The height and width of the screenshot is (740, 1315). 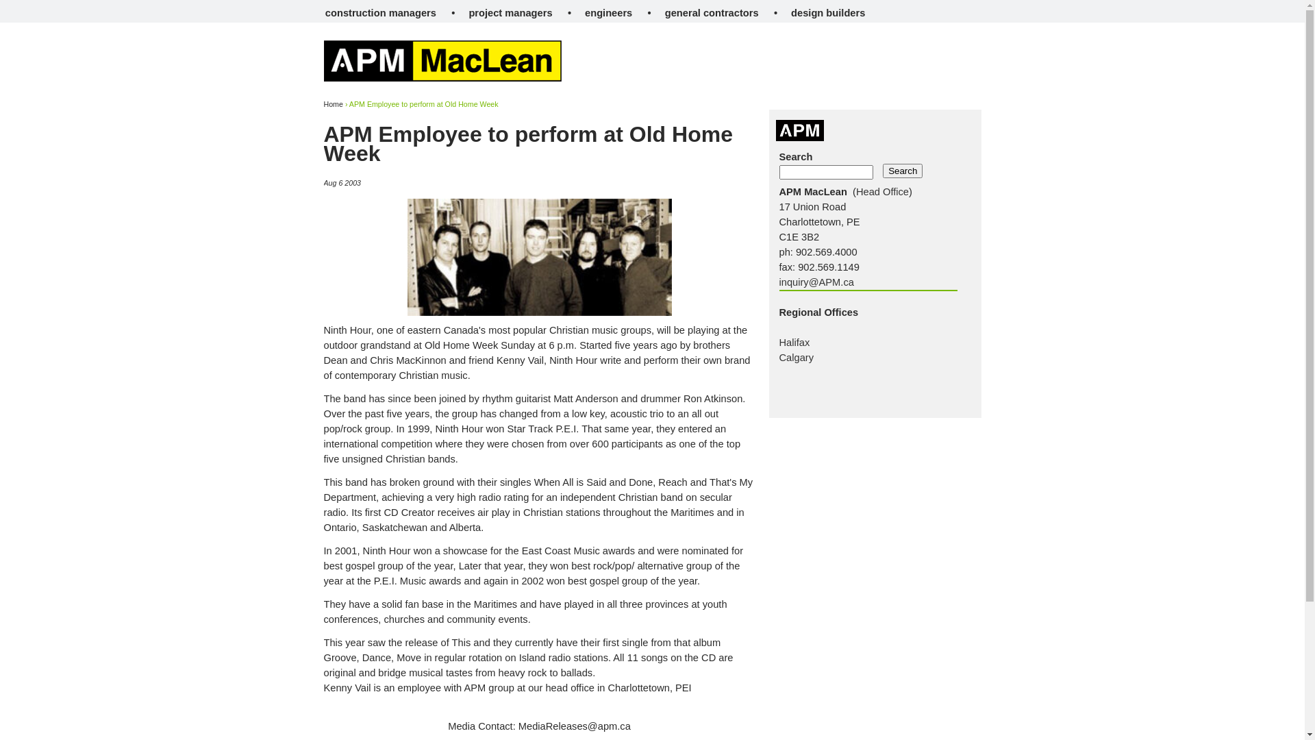 I want to click on 'Halifax', so click(x=794, y=342).